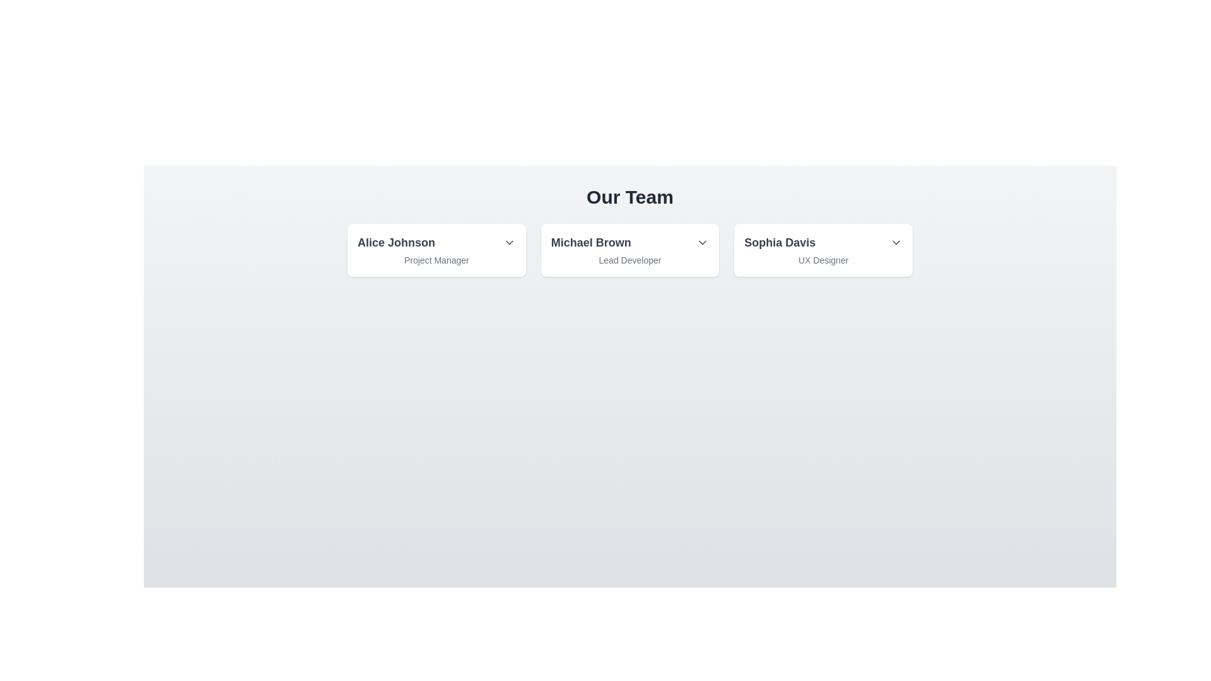 Image resolution: width=1211 pixels, height=681 pixels. Describe the element at coordinates (509, 243) in the screenshot. I see `the downward-facing chevron icon on the right side of the 'Alice Johnson' component` at that location.